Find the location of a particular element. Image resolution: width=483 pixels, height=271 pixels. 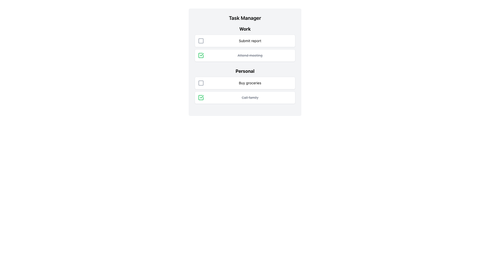

the green checkbox icon indicating a selected state for 'Call family' is located at coordinates (200, 55).